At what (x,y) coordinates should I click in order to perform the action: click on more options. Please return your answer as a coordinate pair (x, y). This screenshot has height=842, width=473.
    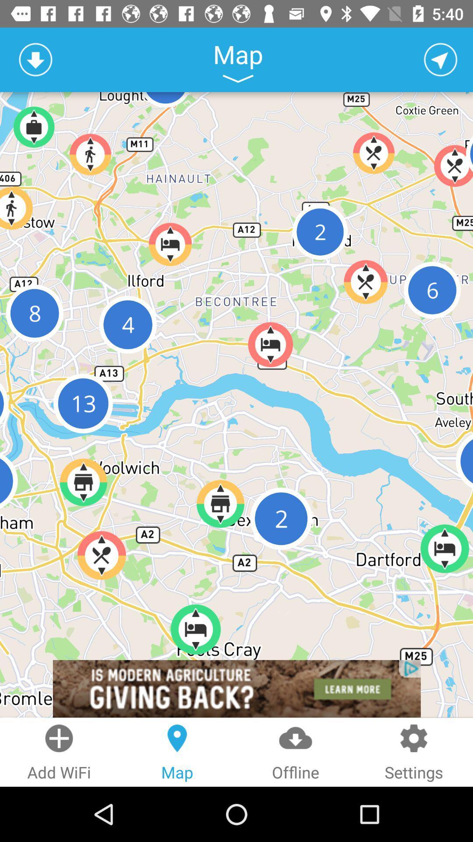
    Looking at the image, I should click on (238, 78).